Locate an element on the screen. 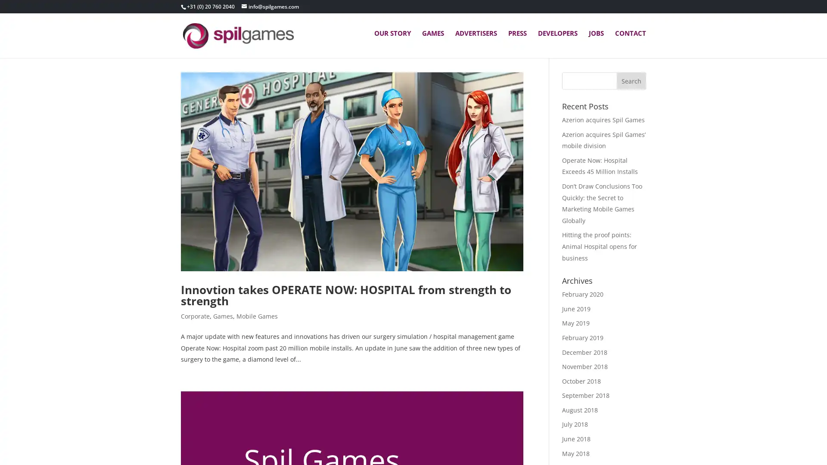  Search is located at coordinates (631, 94).